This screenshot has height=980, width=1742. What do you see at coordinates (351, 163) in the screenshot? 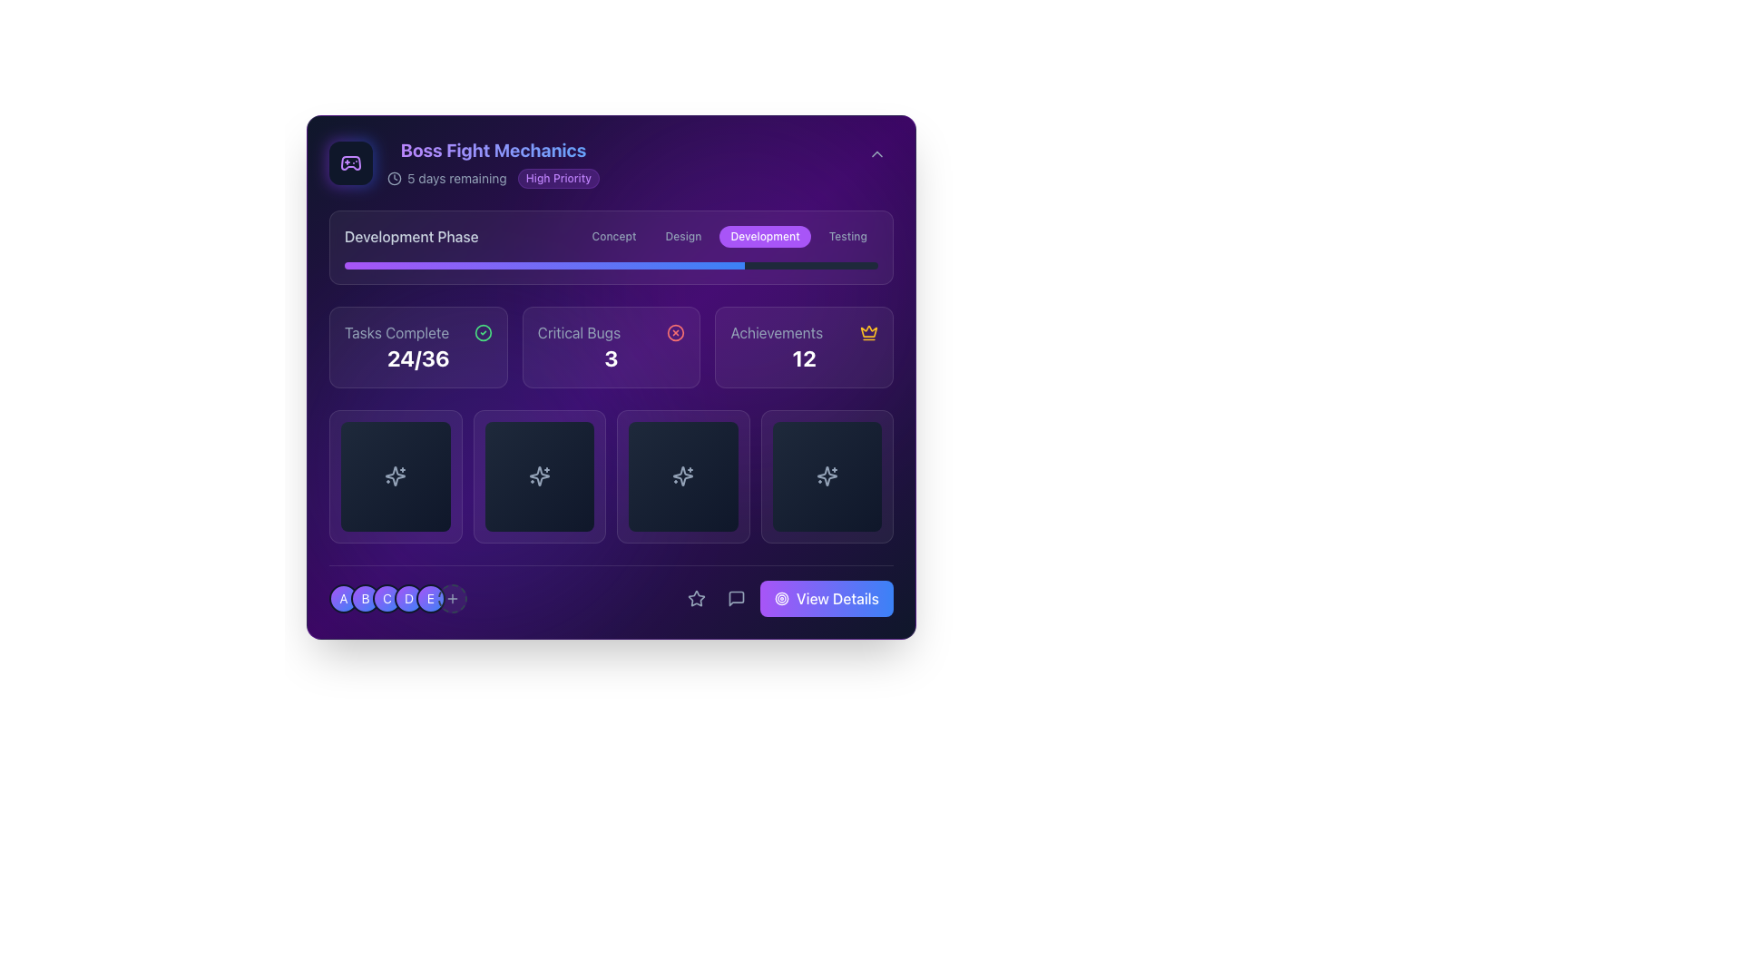
I see `the visual enhancement layer that provides a glowing effect for the game controller icon located at the top-left of the interface under the 'Boss Fight Mechanics' title` at bounding box center [351, 163].